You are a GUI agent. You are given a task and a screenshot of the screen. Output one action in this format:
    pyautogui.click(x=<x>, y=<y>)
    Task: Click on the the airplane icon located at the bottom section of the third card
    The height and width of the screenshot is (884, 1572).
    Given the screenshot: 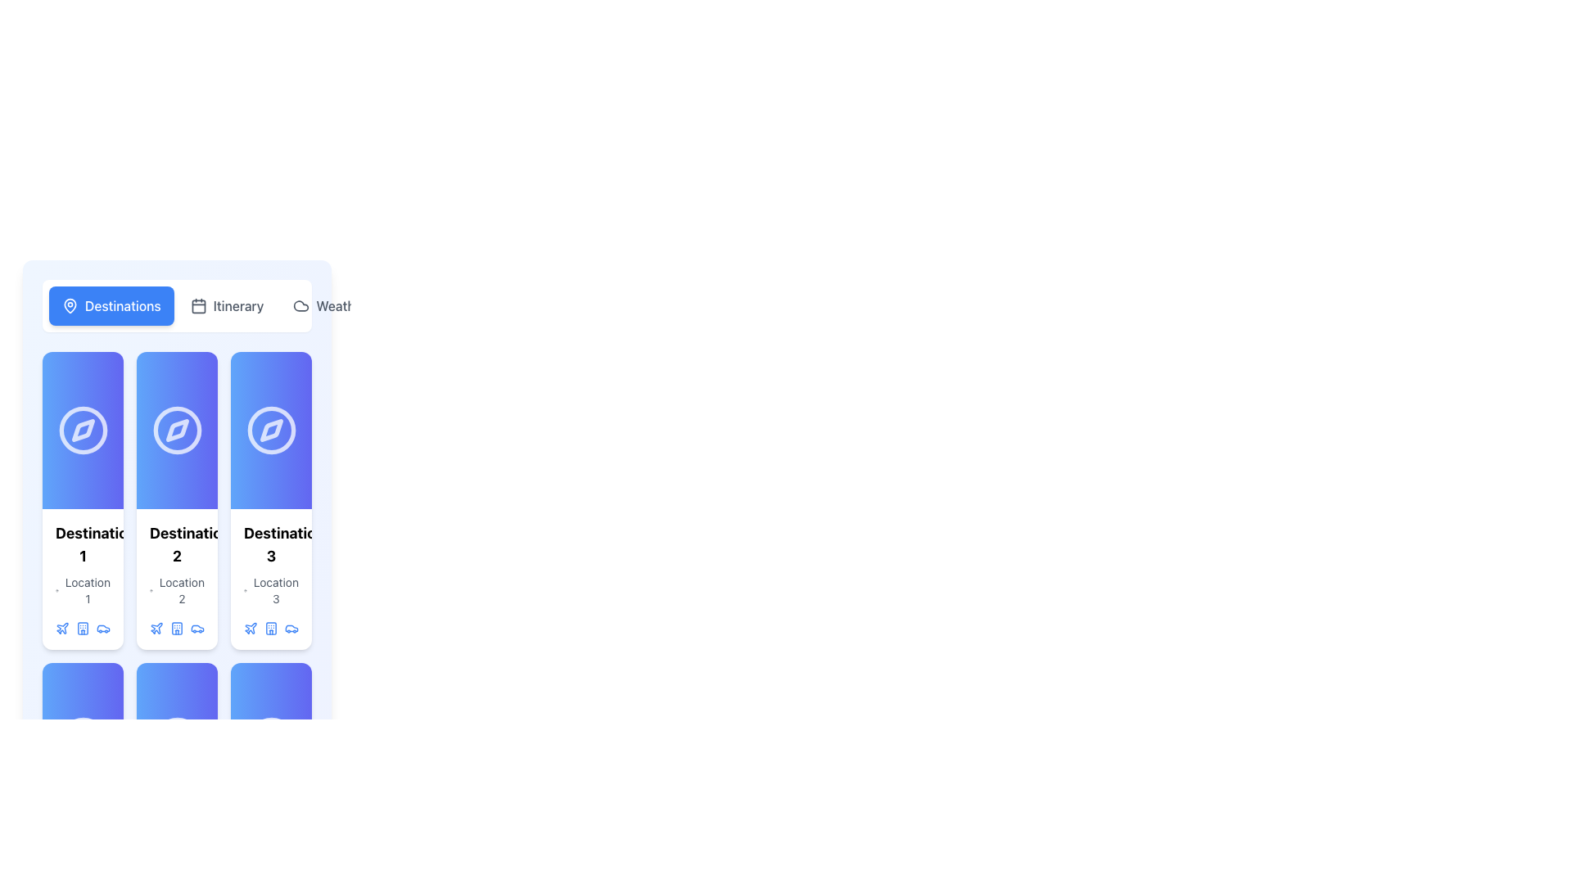 What is the action you would take?
    pyautogui.click(x=62, y=627)
    